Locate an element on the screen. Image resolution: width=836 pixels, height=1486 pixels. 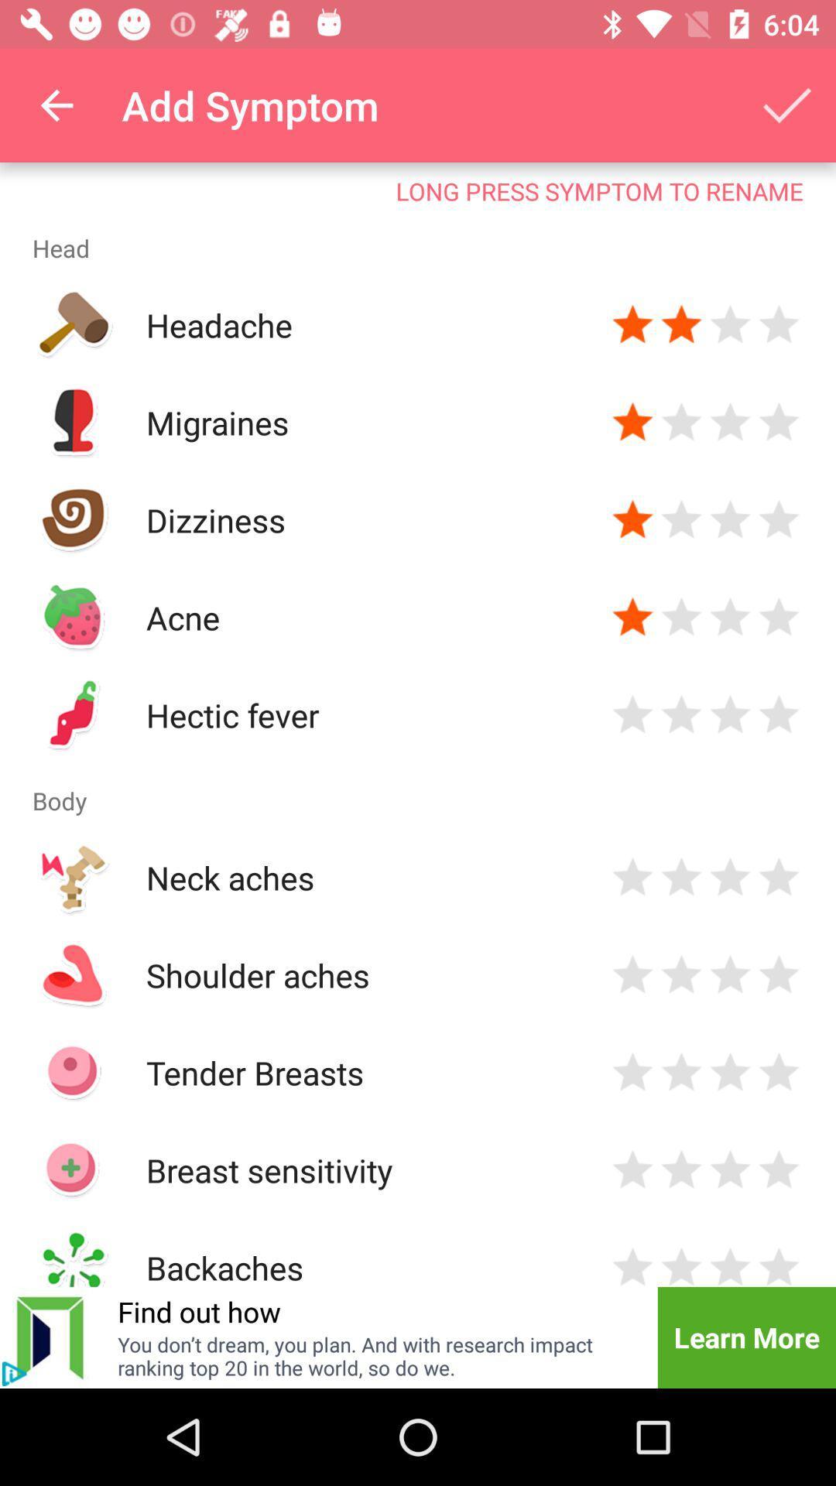
the icon above the long press symptom is located at coordinates (56, 104).